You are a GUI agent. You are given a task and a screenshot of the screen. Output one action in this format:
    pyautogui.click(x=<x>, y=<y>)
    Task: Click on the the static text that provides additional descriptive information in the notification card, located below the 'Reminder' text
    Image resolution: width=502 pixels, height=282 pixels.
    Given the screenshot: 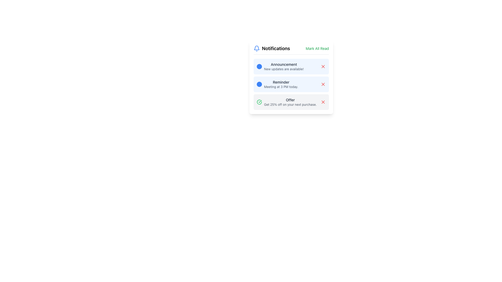 What is the action you would take?
    pyautogui.click(x=281, y=86)
    